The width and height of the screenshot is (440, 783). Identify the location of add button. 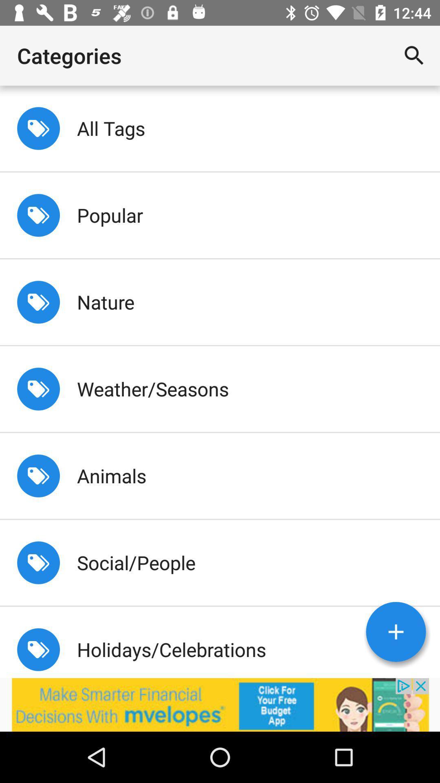
(396, 631).